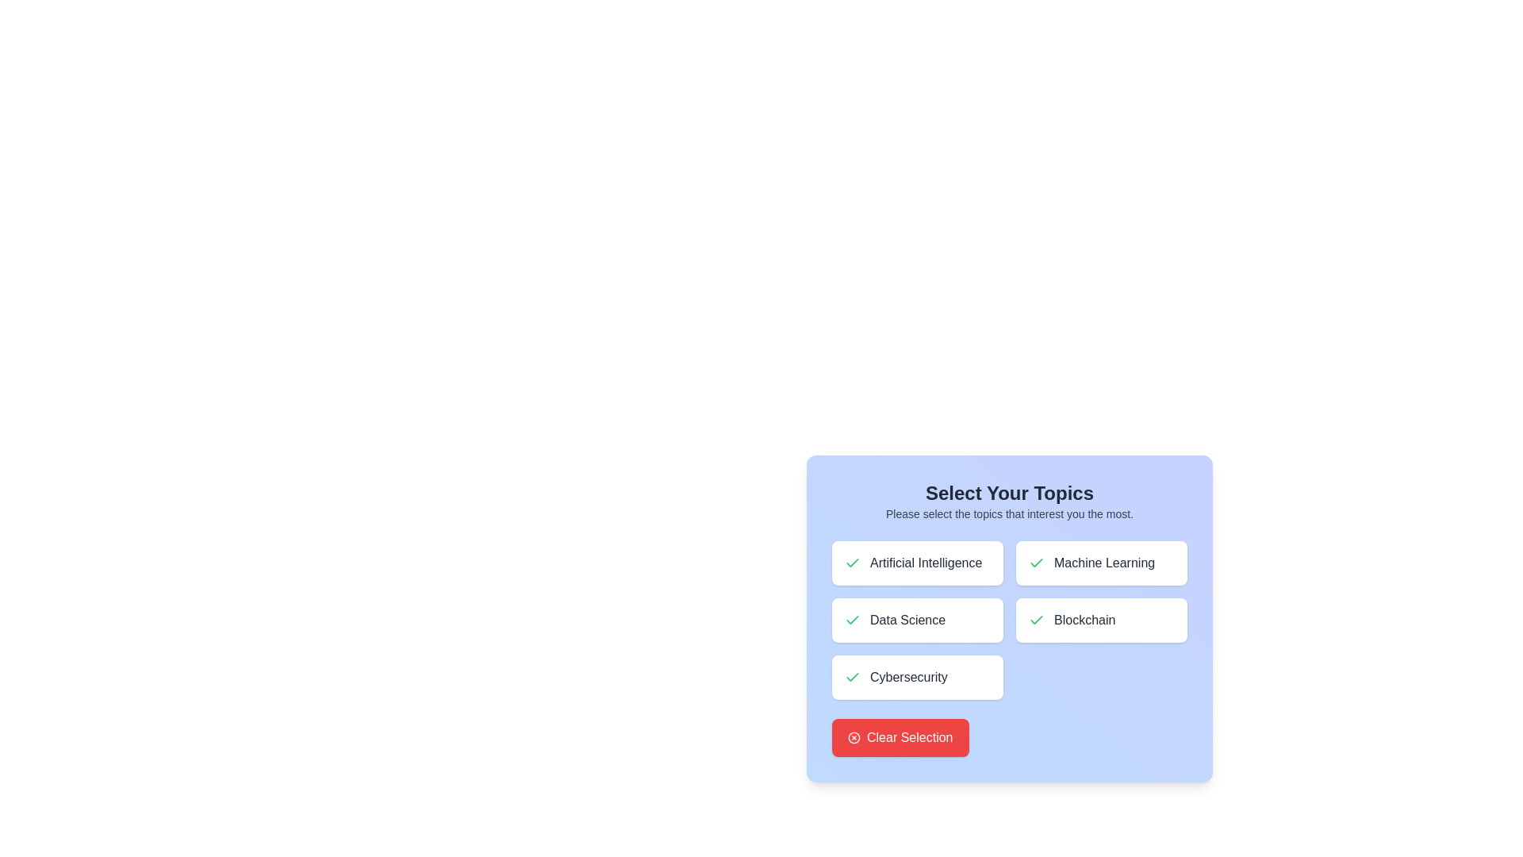 The width and height of the screenshot is (1523, 857). What do you see at coordinates (917, 620) in the screenshot?
I see `the button corresponding to the topic Data Science` at bounding box center [917, 620].